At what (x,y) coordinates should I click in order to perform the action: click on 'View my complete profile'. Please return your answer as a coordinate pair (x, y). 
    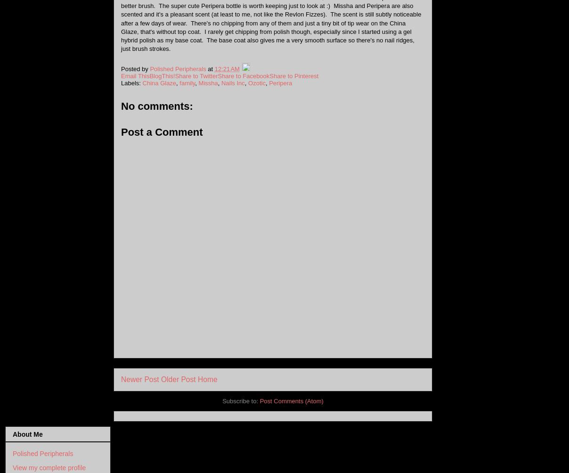
    Looking at the image, I should click on (49, 466).